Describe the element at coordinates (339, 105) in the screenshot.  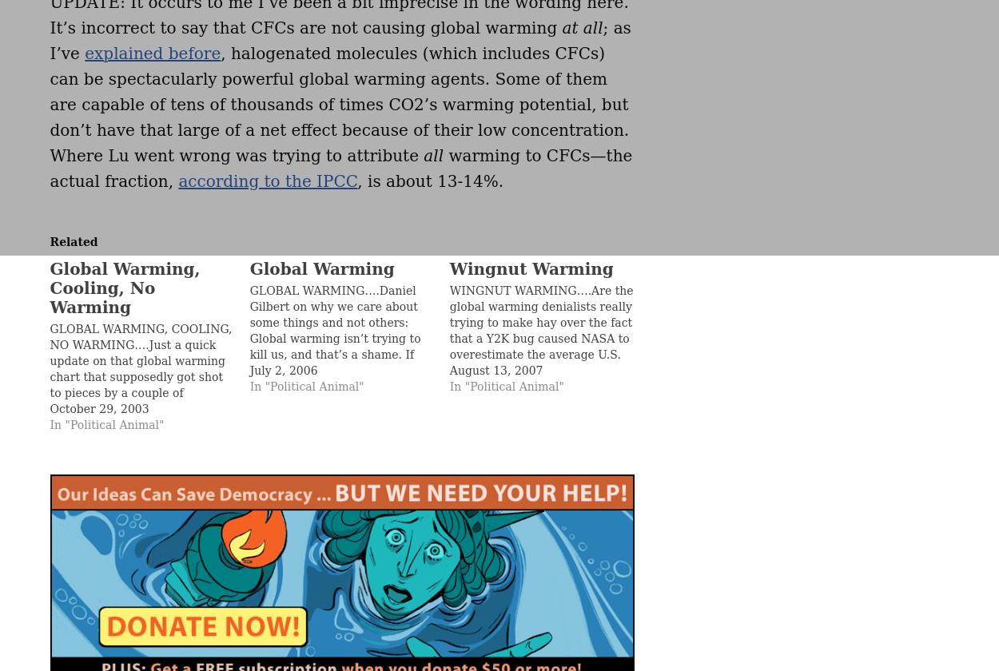
I see `', halogenated molecules (which includes CFCs) can be spectacularly powerful global warming agents. Some of them are capable of tens of thousands of times CO2’s warming potential, but don’t have that large of a net effect because of their low concentration. Where Lu went wrong was trying to attribute'` at that location.